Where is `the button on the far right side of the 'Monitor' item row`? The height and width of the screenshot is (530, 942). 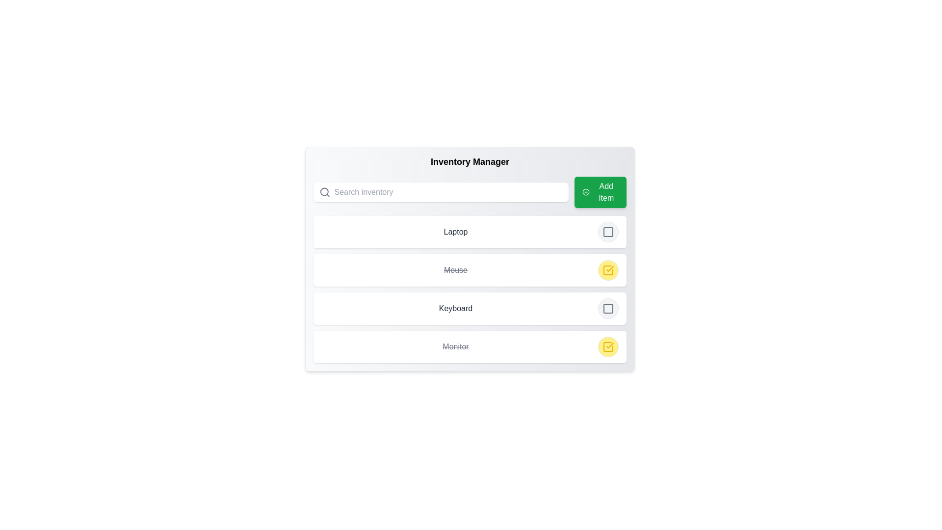 the button on the far right side of the 'Monitor' item row is located at coordinates (607, 346).